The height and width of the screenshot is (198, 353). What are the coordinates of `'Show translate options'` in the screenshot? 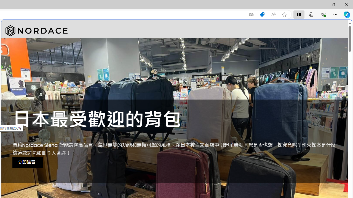 It's located at (251, 14).